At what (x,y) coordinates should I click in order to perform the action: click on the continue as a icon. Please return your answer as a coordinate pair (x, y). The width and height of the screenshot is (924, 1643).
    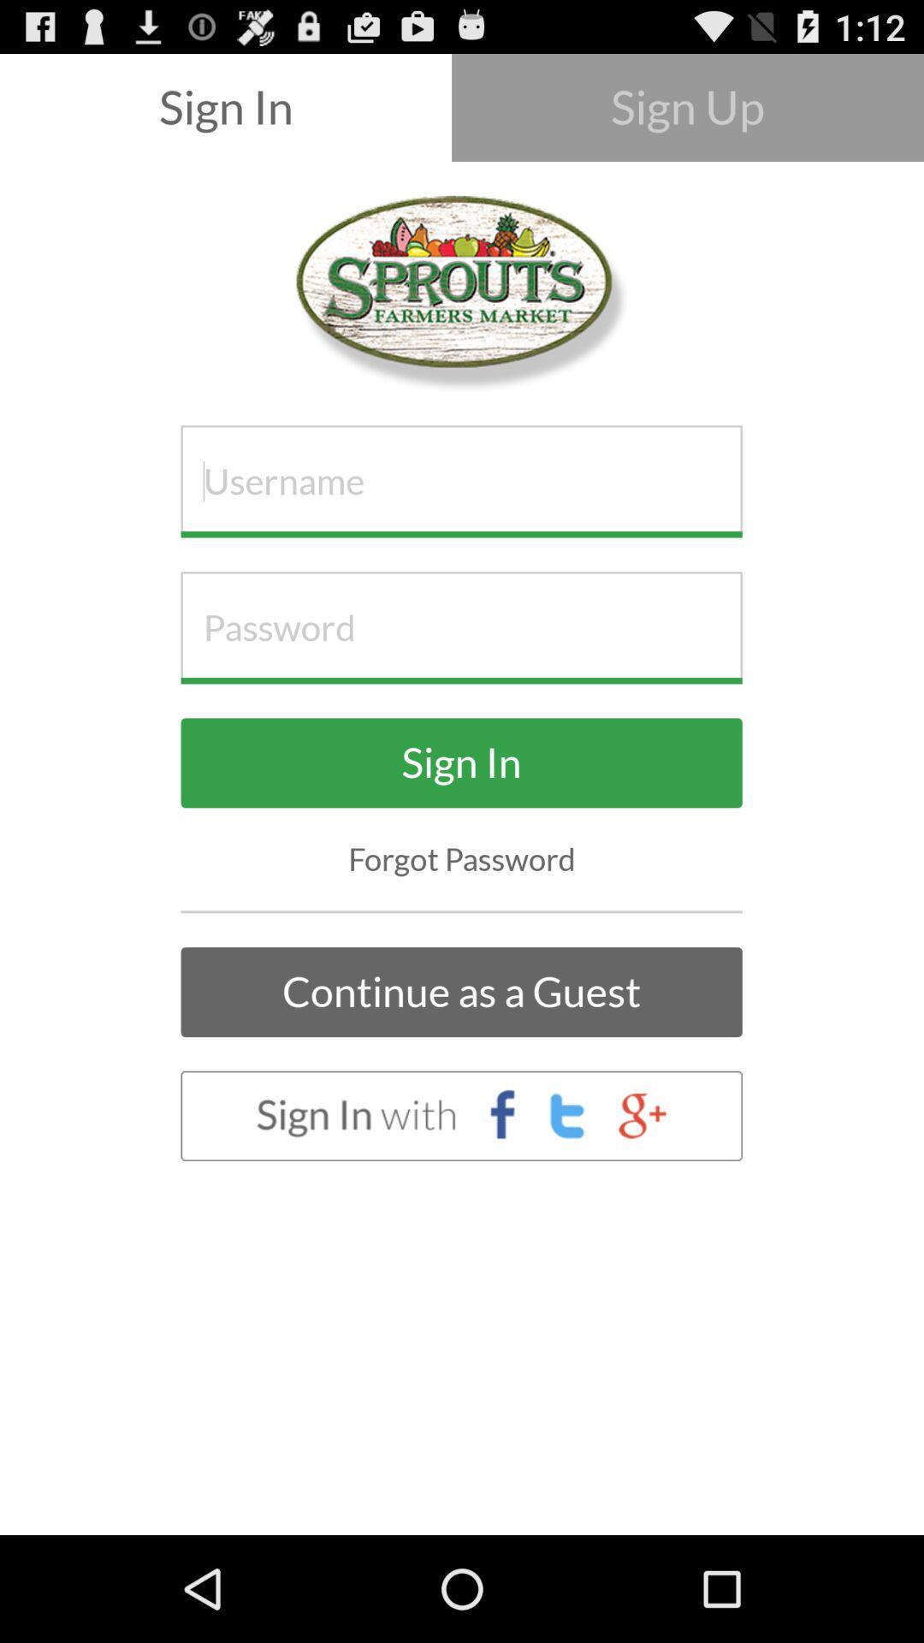
    Looking at the image, I should click on (460, 992).